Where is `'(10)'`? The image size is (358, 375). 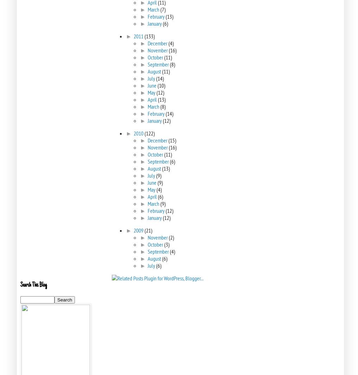
'(10)' is located at coordinates (160, 85).